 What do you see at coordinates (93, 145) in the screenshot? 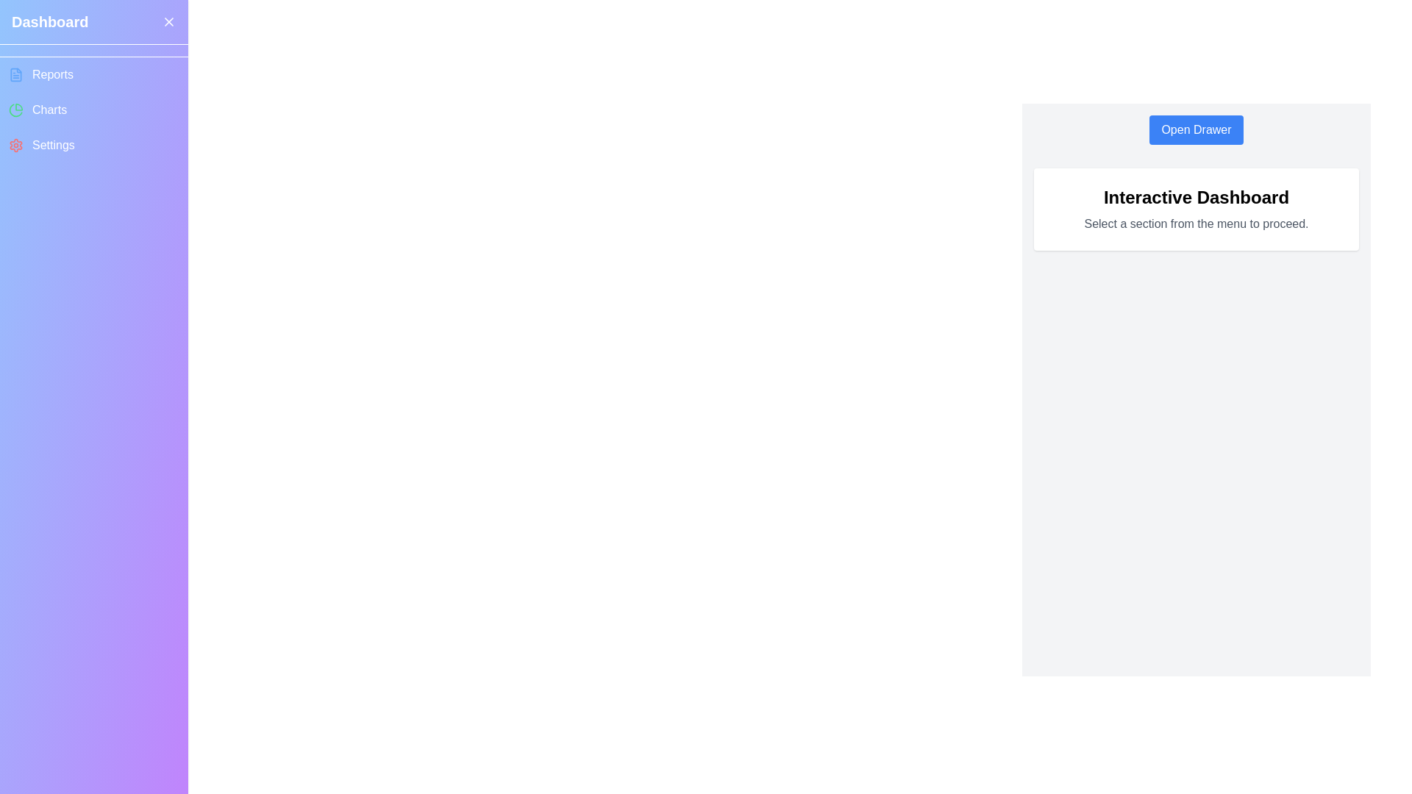
I see `the menu item Settings from the drawer` at bounding box center [93, 145].